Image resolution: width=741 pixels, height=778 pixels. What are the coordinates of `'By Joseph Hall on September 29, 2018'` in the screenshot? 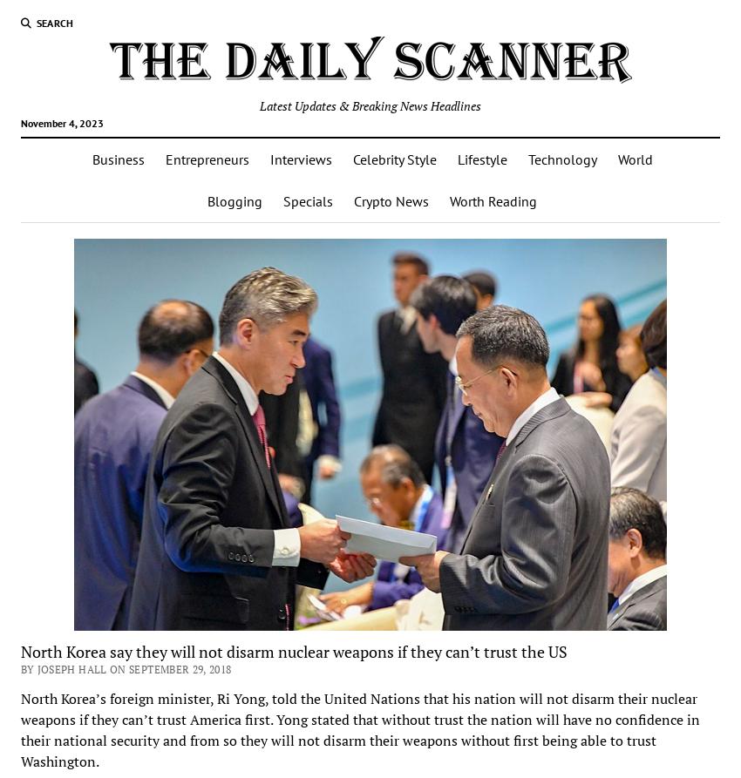 It's located at (125, 667).